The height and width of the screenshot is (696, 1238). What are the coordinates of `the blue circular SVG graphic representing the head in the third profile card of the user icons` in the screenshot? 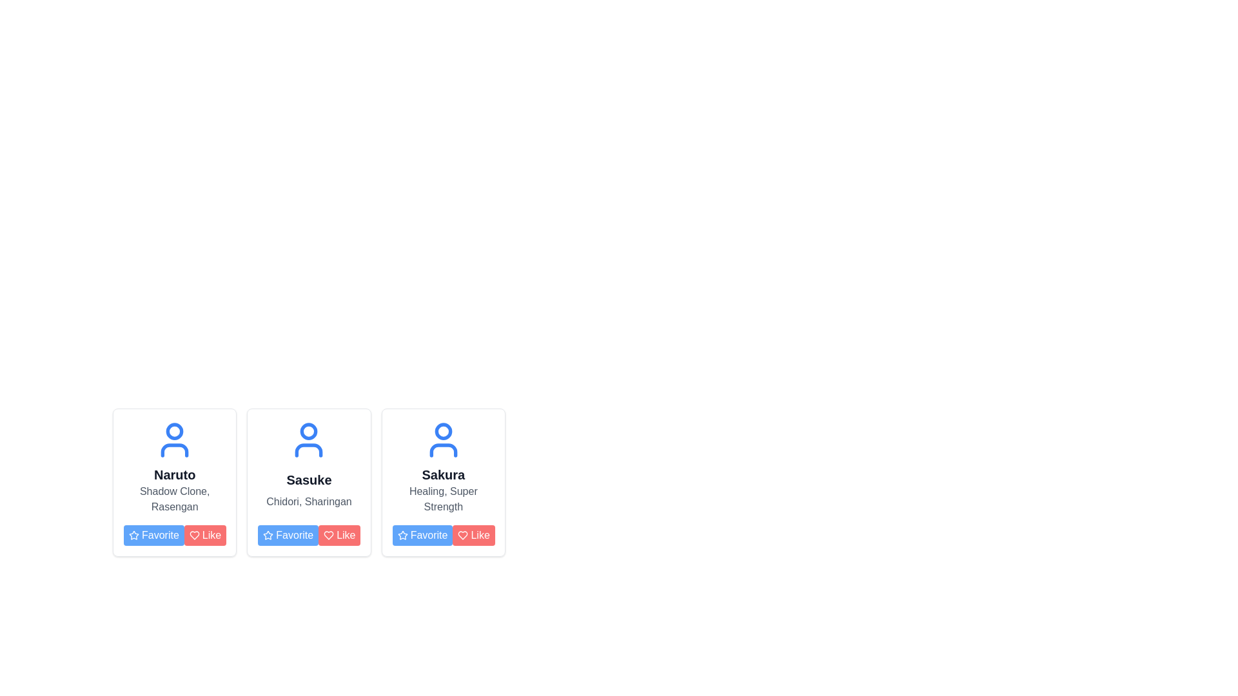 It's located at (443, 431).